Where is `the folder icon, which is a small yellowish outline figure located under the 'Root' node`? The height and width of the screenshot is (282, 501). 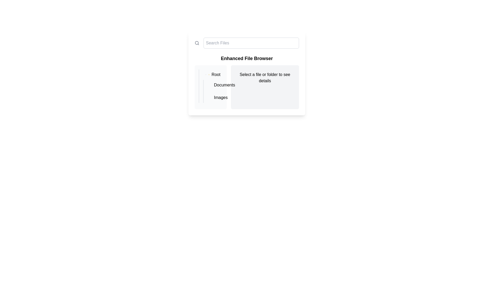
the folder icon, which is a small yellowish outline figure located under the 'Root' node is located at coordinates (215, 85).